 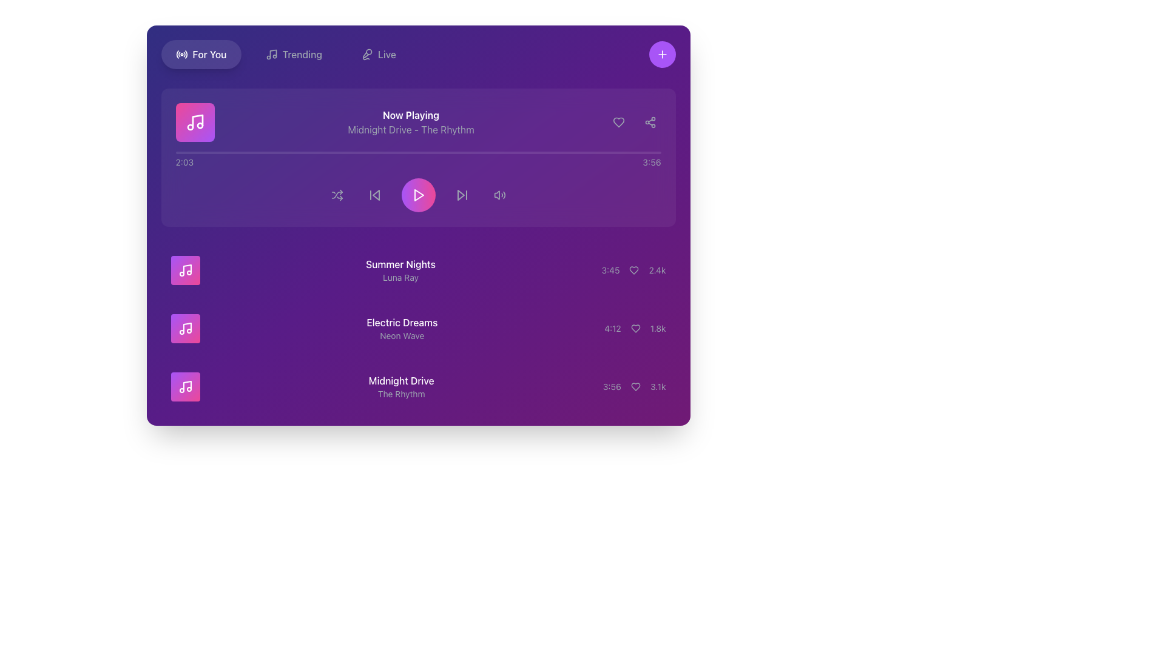 I want to click on the 'Now Playing' text label, which is prominently displayed in bold white font against a gradient purple background, located at the center of the music player interface, so click(x=411, y=115).